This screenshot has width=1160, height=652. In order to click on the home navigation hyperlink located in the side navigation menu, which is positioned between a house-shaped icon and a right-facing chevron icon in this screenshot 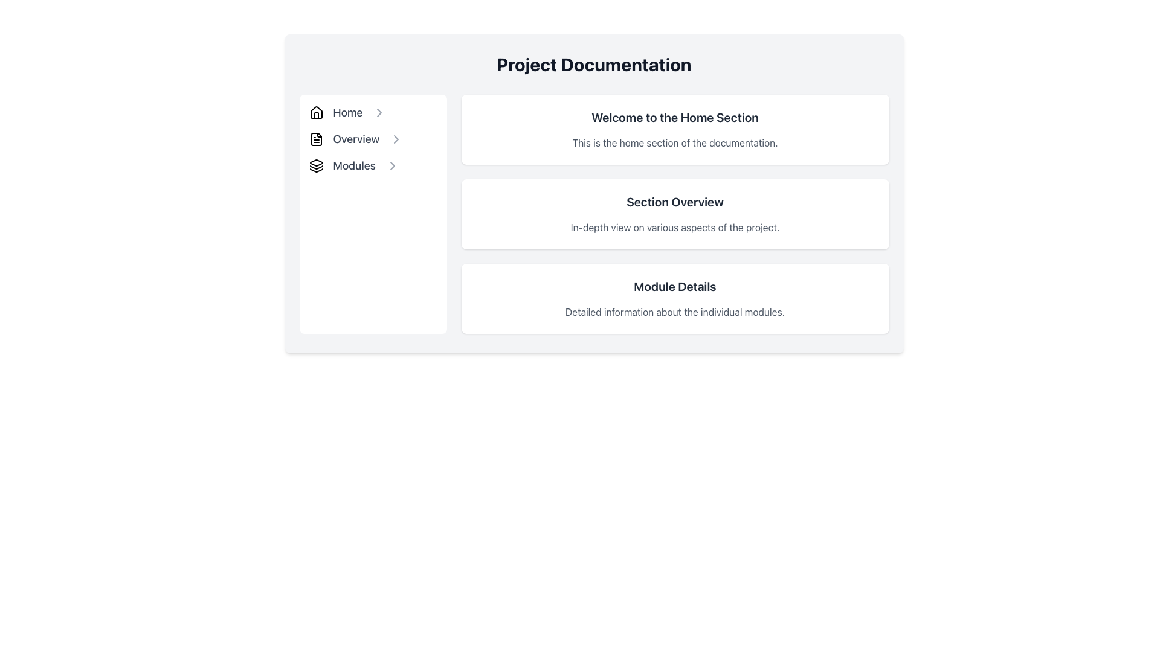, I will do `click(347, 112)`.